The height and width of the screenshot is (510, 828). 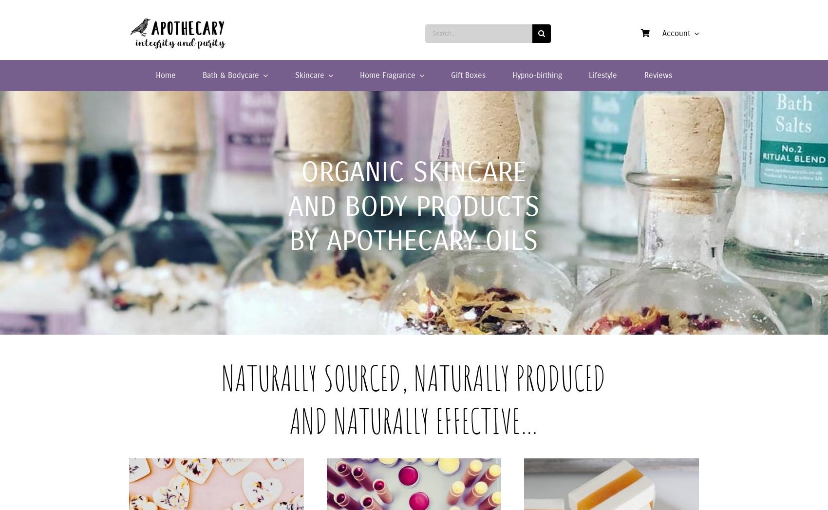 What do you see at coordinates (676, 33) in the screenshot?
I see `'Account'` at bounding box center [676, 33].